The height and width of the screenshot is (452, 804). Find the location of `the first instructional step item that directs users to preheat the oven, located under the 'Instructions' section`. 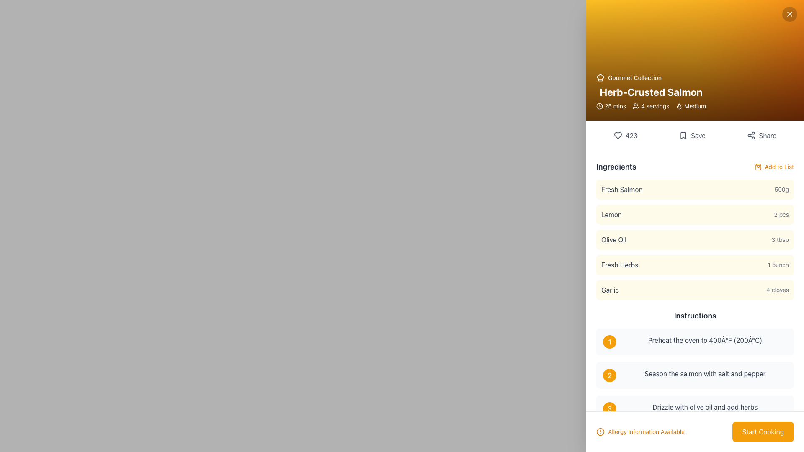

the first instructional step item that directs users to preheat the oven, located under the 'Instructions' section is located at coordinates (695, 342).